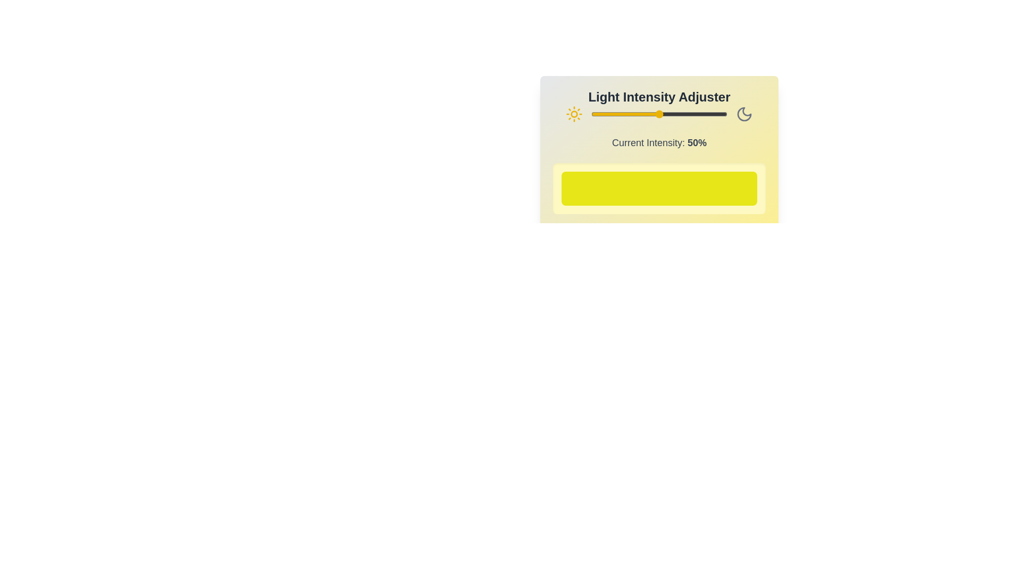  I want to click on the light intensity to 91% by moving the slider, so click(715, 114).